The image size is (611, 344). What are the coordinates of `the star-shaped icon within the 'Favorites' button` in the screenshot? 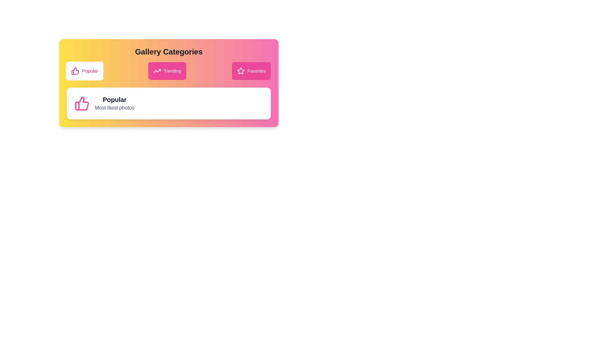 It's located at (241, 71).